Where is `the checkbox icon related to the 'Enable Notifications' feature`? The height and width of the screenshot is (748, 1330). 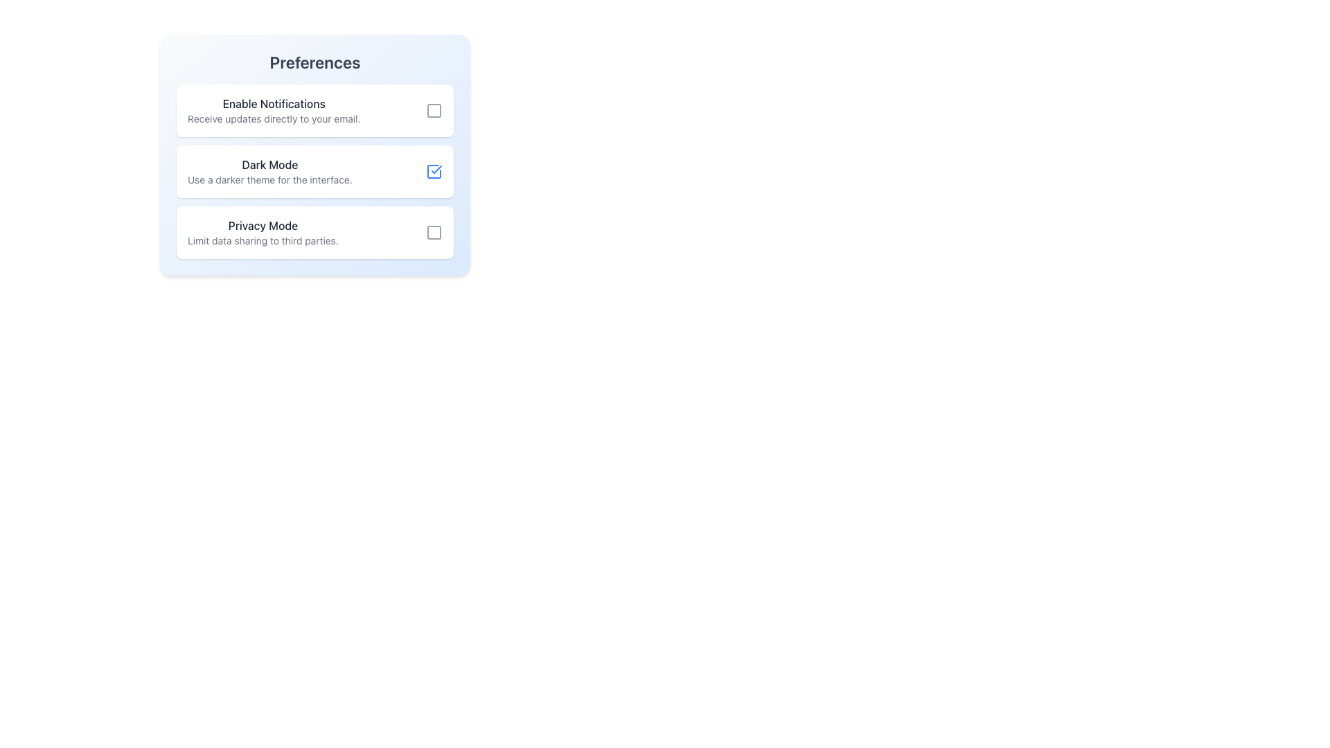
the checkbox icon related to the 'Enable Notifications' feature is located at coordinates (434, 109).